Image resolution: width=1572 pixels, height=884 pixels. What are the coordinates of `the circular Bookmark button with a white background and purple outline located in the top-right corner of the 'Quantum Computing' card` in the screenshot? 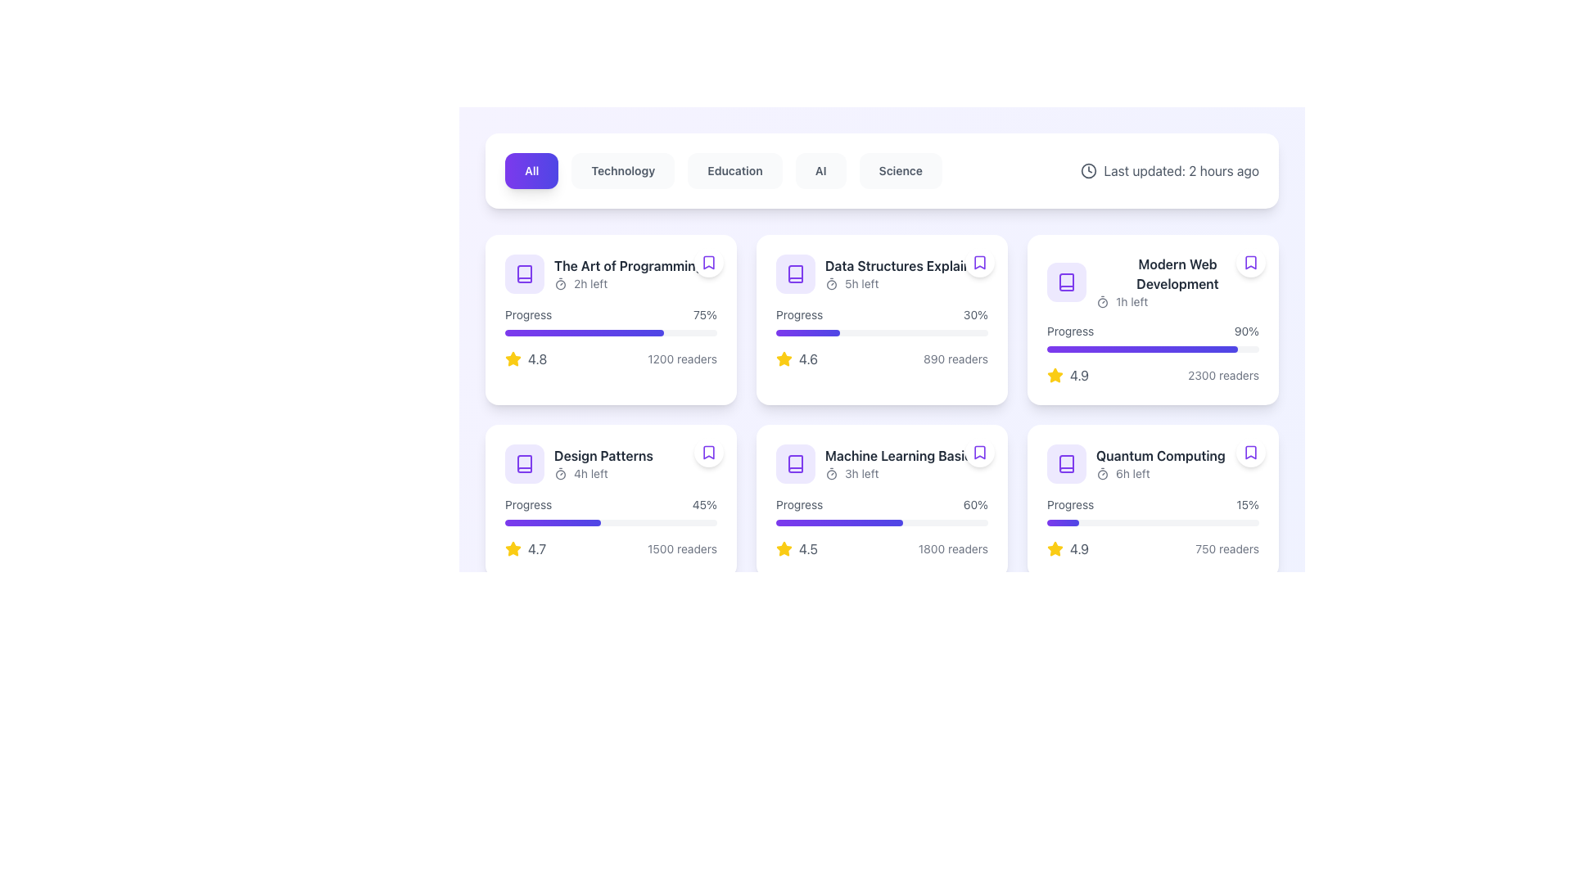 It's located at (1249, 452).